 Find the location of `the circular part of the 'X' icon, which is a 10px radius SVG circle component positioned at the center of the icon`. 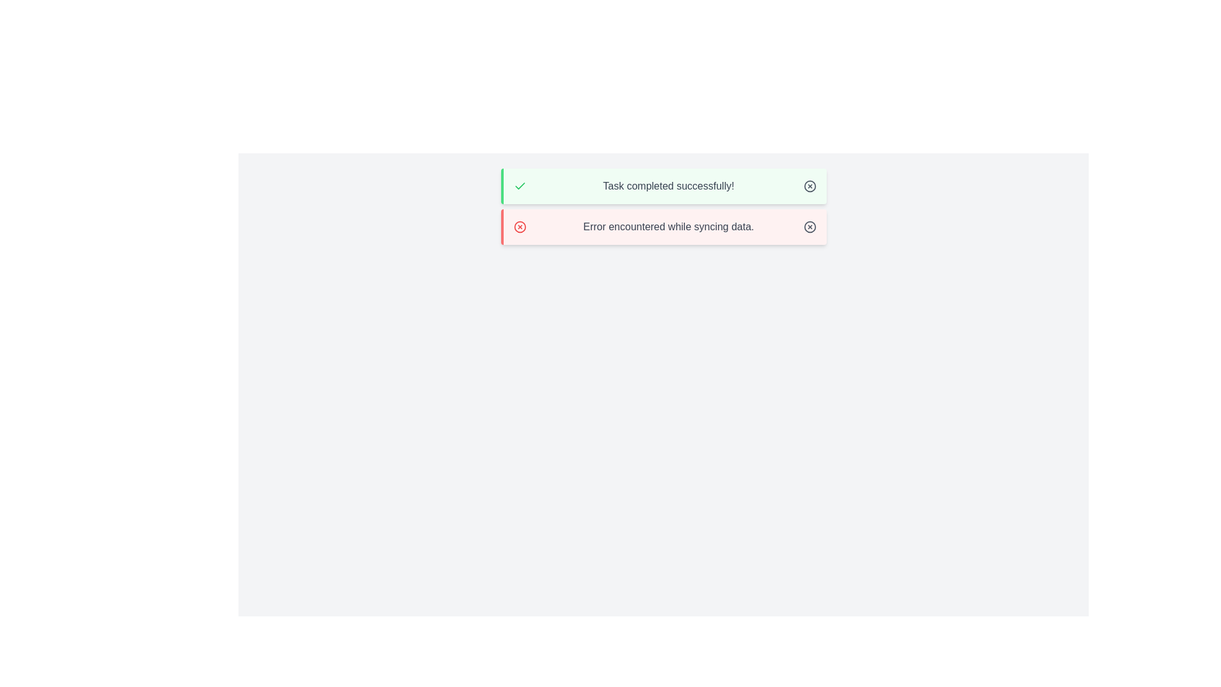

the circular part of the 'X' icon, which is a 10px radius SVG circle component positioned at the center of the icon is located at coordinates (809, 186).